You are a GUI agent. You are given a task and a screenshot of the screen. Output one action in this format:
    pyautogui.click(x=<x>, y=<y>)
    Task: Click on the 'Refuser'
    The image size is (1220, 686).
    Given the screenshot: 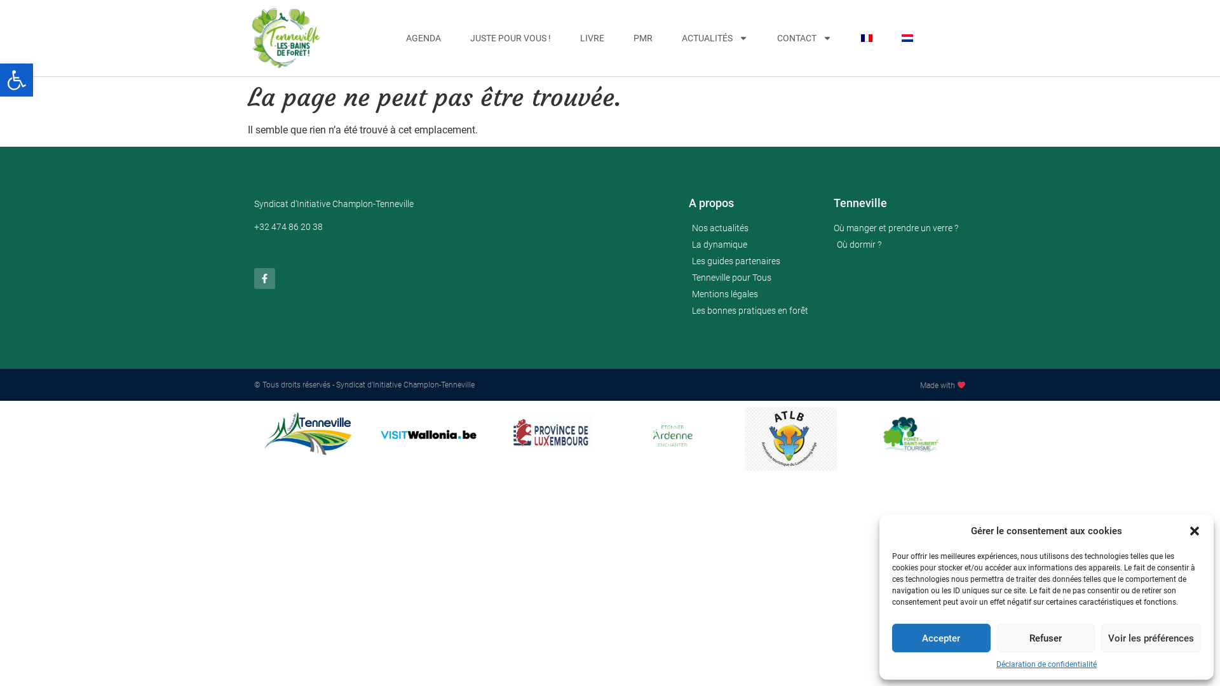 What is the action you would take?
    pyautogui.click(x=996, y=638)
    